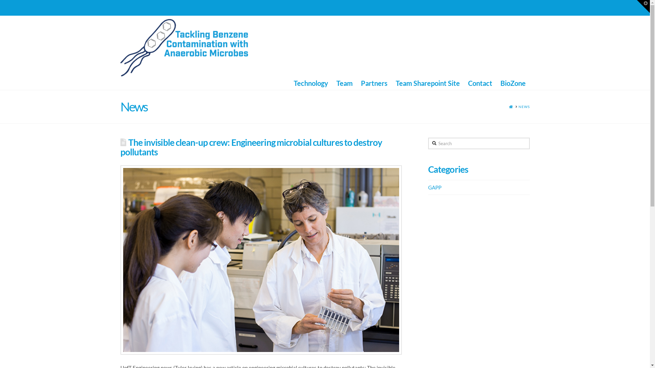 The width and height of the screenshot is (655, 368). What do you see at coordinates (637, 6) in the screenshot?
I see `'Toggle the Widgetbar'` at bounding box center [637, 6].